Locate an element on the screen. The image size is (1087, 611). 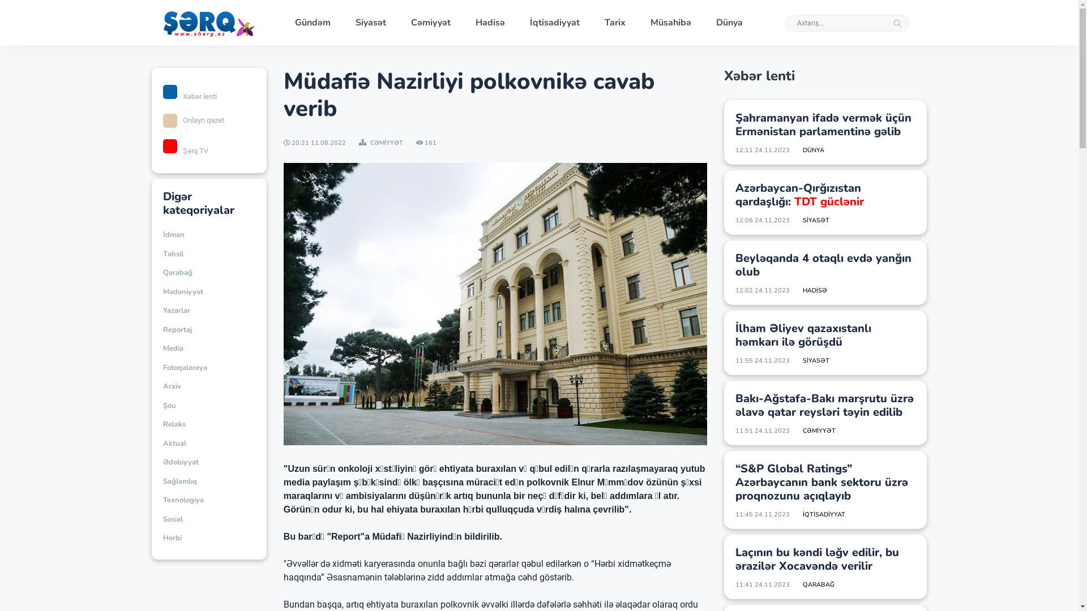
'Texnologiya' is located at coordinates (183, 500).